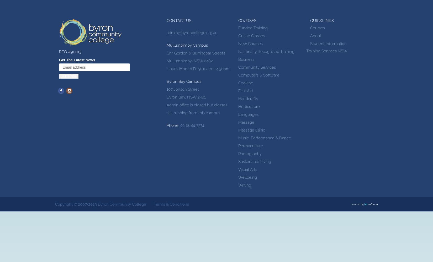 The width and height of the screenshot is (433, 262). I want to click on 'Get The Latest News', so click(77, 60).